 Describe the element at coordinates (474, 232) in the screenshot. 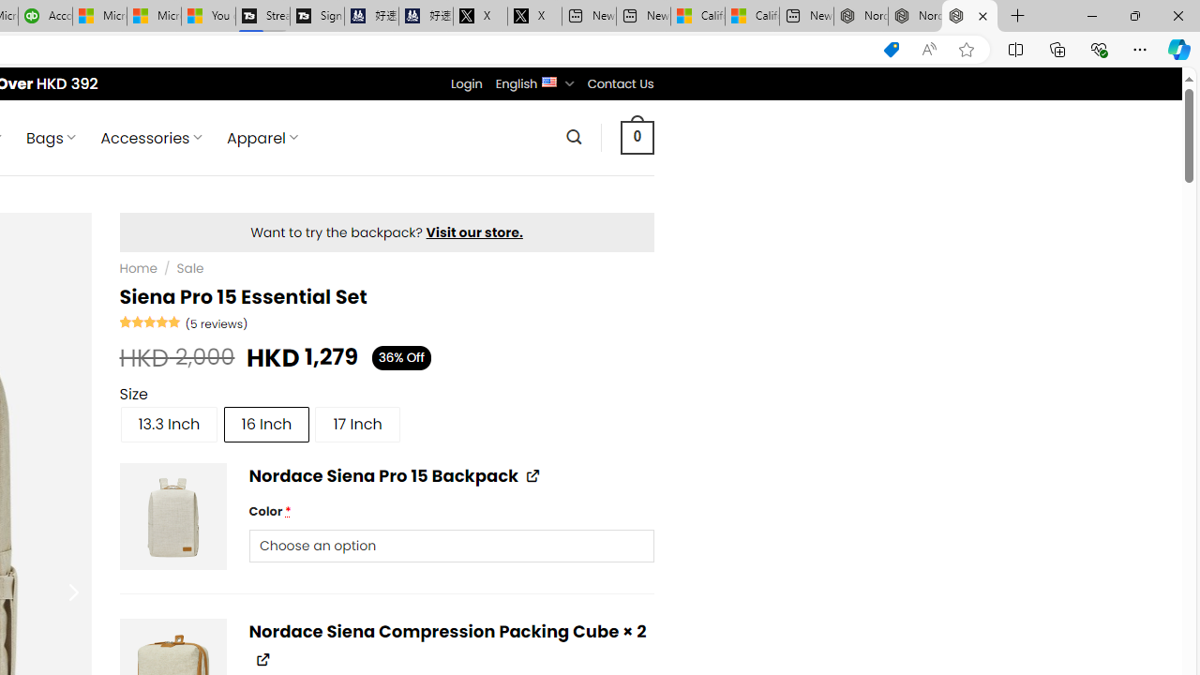

I see `'Visit our store.'` at that location.